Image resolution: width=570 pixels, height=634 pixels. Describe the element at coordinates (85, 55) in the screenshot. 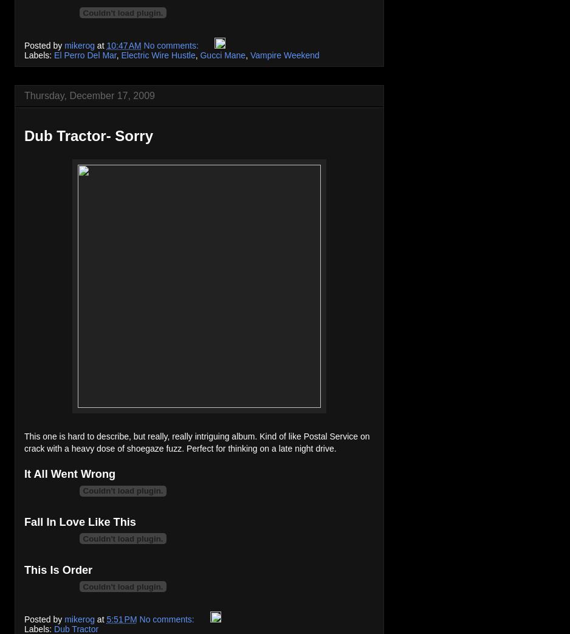

I see `'El Perro Del Mar'` at that location.